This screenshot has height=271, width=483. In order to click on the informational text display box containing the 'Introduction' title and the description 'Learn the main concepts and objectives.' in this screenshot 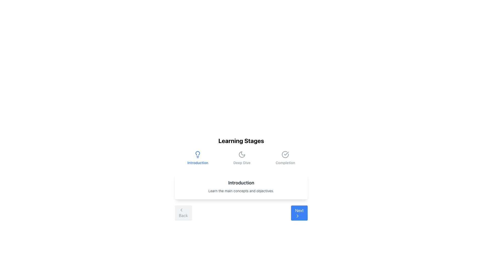, I will do `click(241, 186)`.